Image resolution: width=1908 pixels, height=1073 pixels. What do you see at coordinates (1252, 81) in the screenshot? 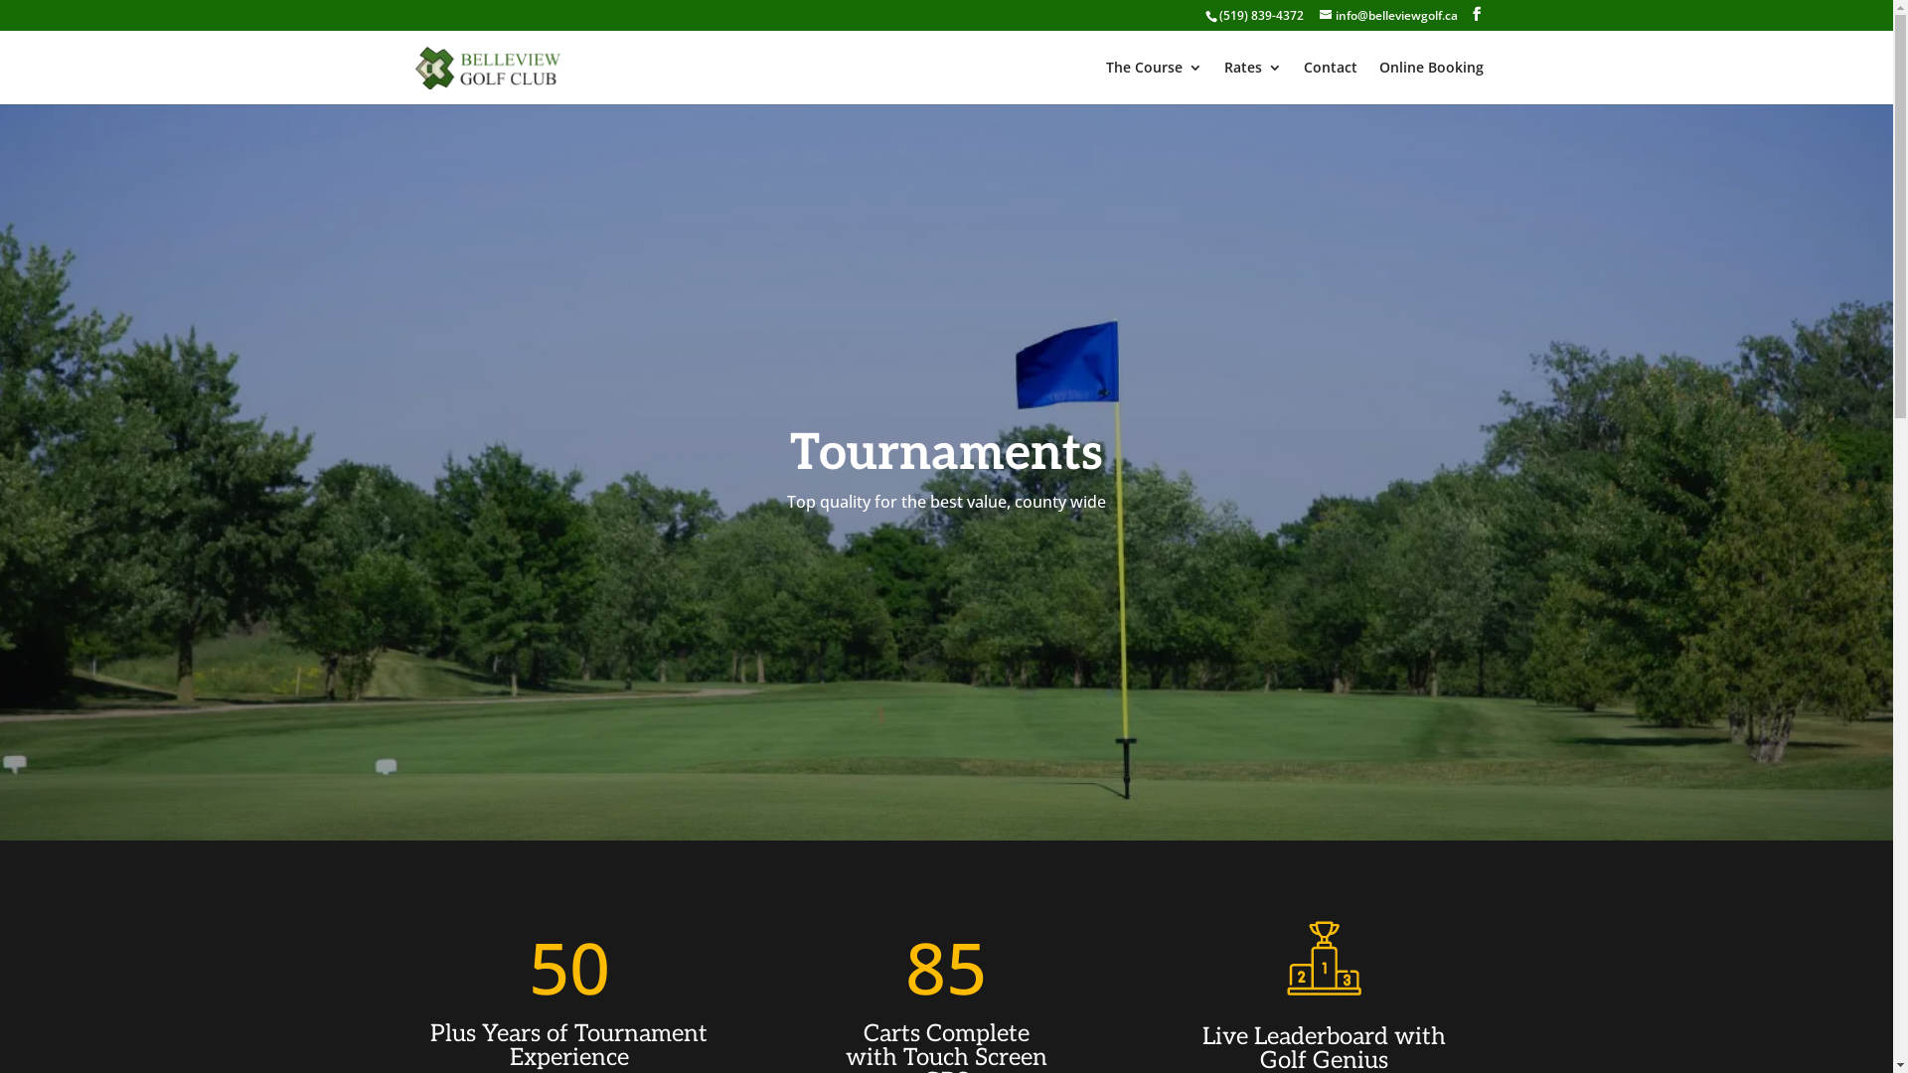
I see `'Rates'` at bounding box center [1252, 81].